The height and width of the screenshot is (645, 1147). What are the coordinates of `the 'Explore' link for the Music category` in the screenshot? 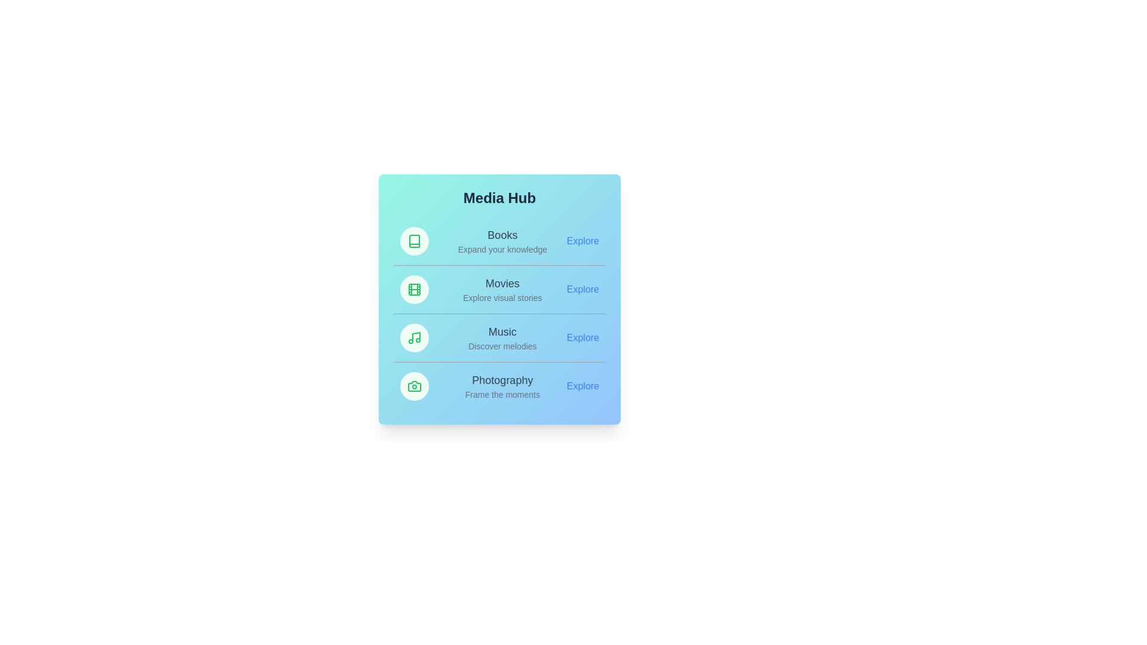 It's located at (582, 338).